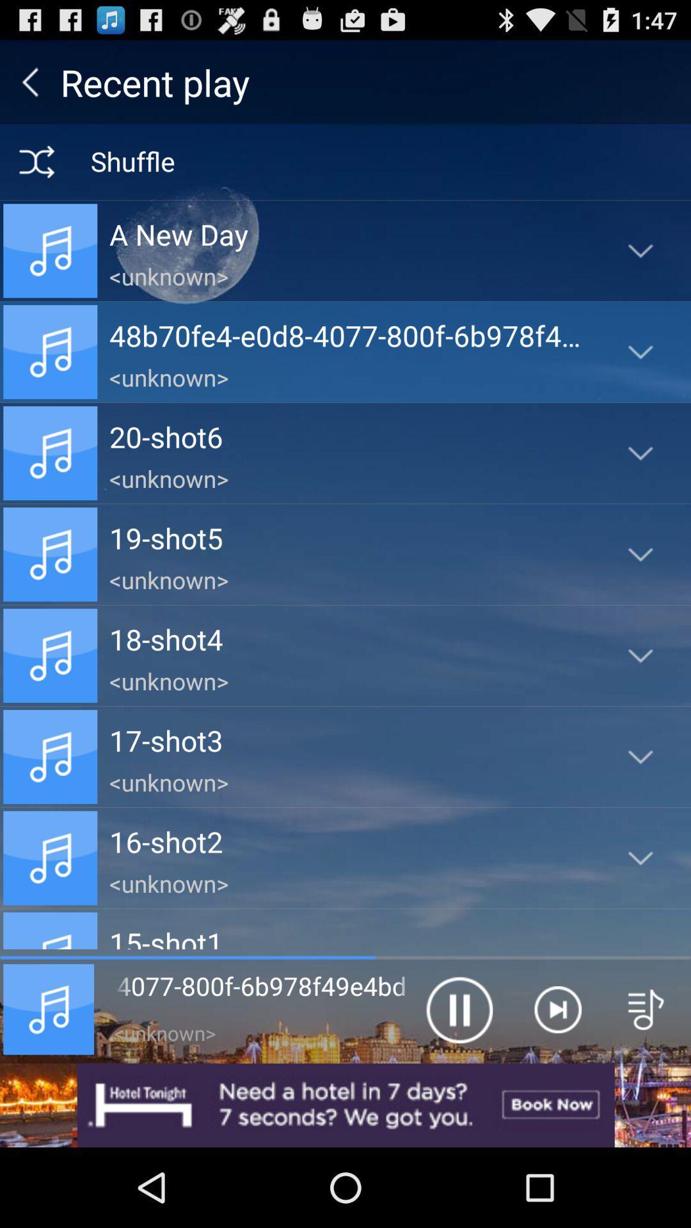 The width and height of the screenshot is (691, 1228). What do you see at coordinates (646, 1080) in the screenshot?
I see `the playlist icon` at bounding box center [646, 1080].